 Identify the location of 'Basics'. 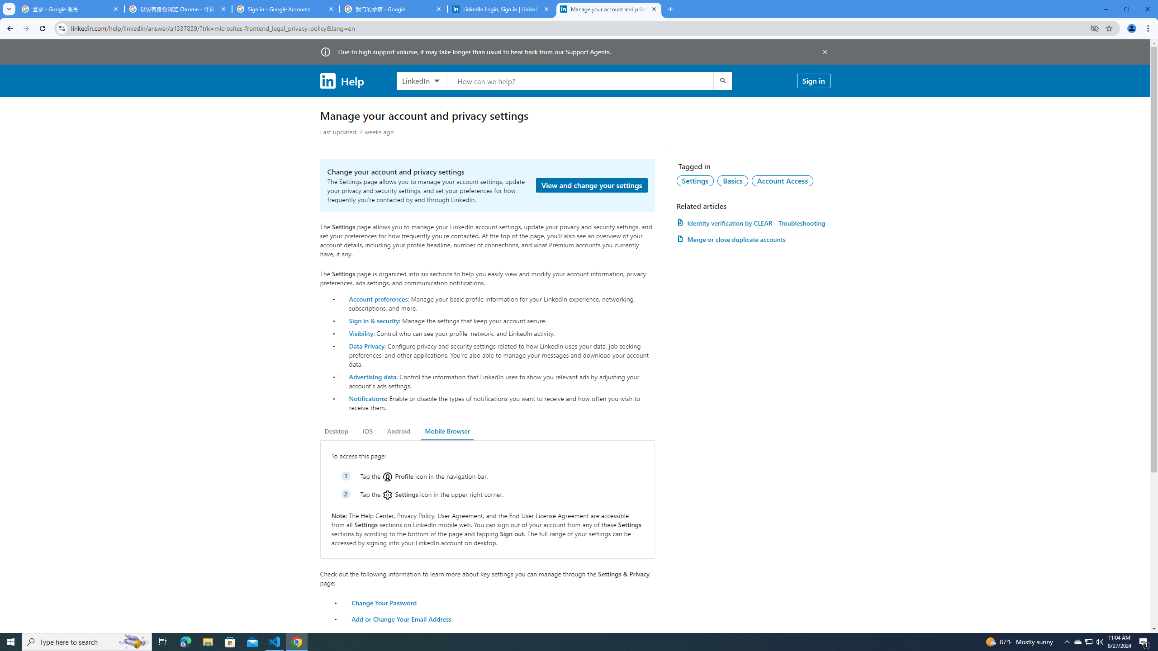
(732, 180).